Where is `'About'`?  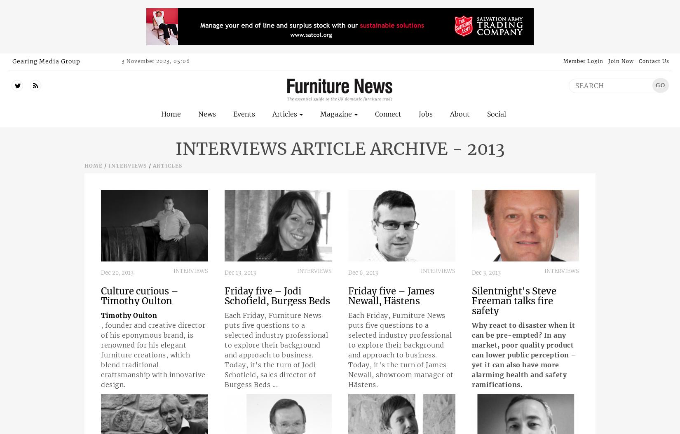 'About' is located at coordinates (460, 113).